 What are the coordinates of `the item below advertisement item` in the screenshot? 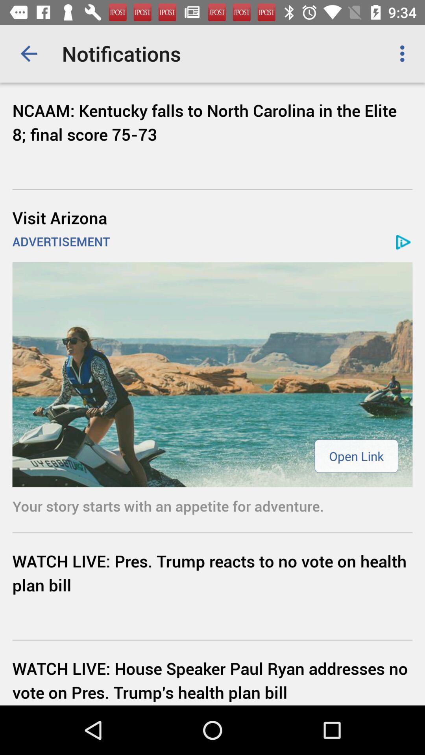 It's located at (356, 456).